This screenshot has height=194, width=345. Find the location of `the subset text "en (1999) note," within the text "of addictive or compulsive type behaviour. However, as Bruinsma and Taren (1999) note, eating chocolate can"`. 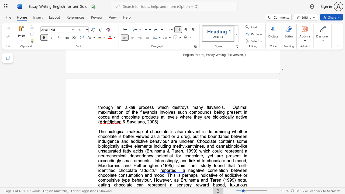

the subset text "en (1999) note," within the text "of addictive or compulsive type behaviour. However, as Bruinsma and Taren (1999) note, eating chocolate can" is located at coordinates (216, 180).